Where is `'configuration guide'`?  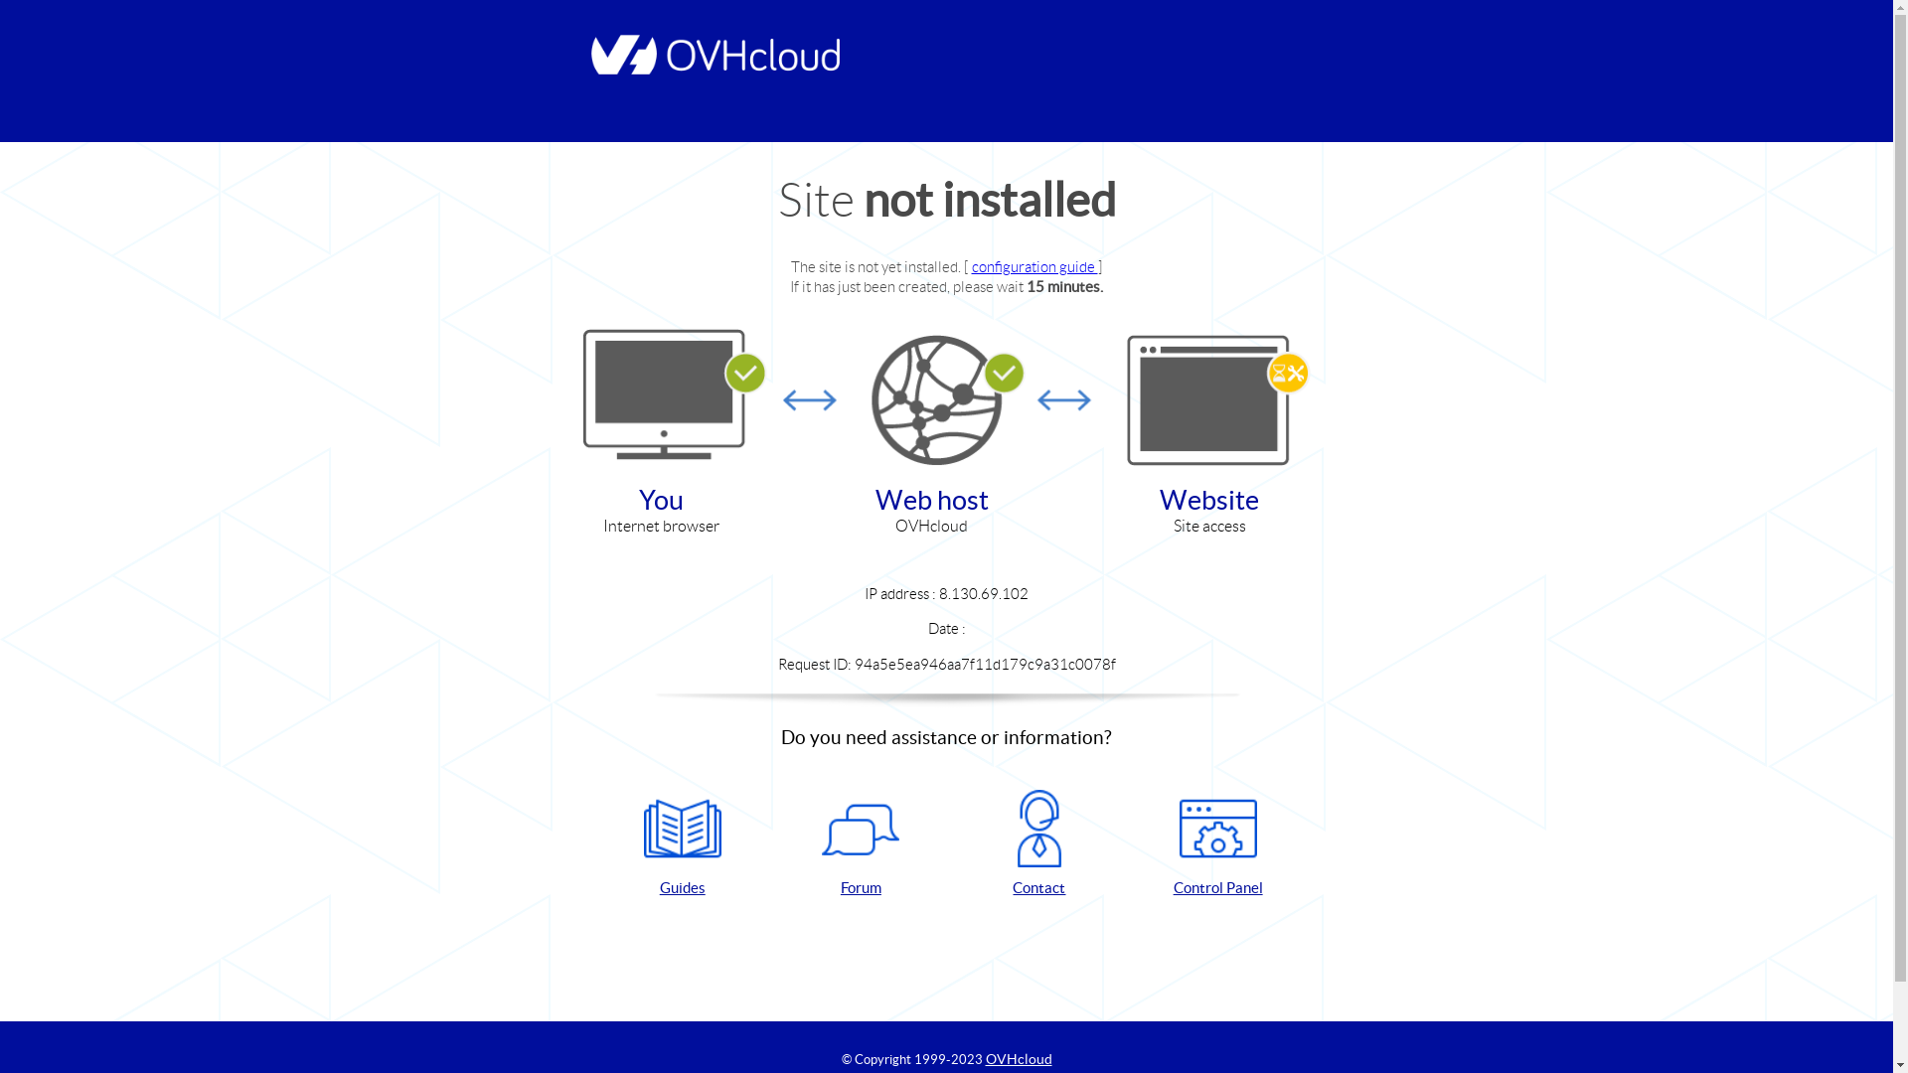
'configuration guide' is located at coordinates (972, 265).